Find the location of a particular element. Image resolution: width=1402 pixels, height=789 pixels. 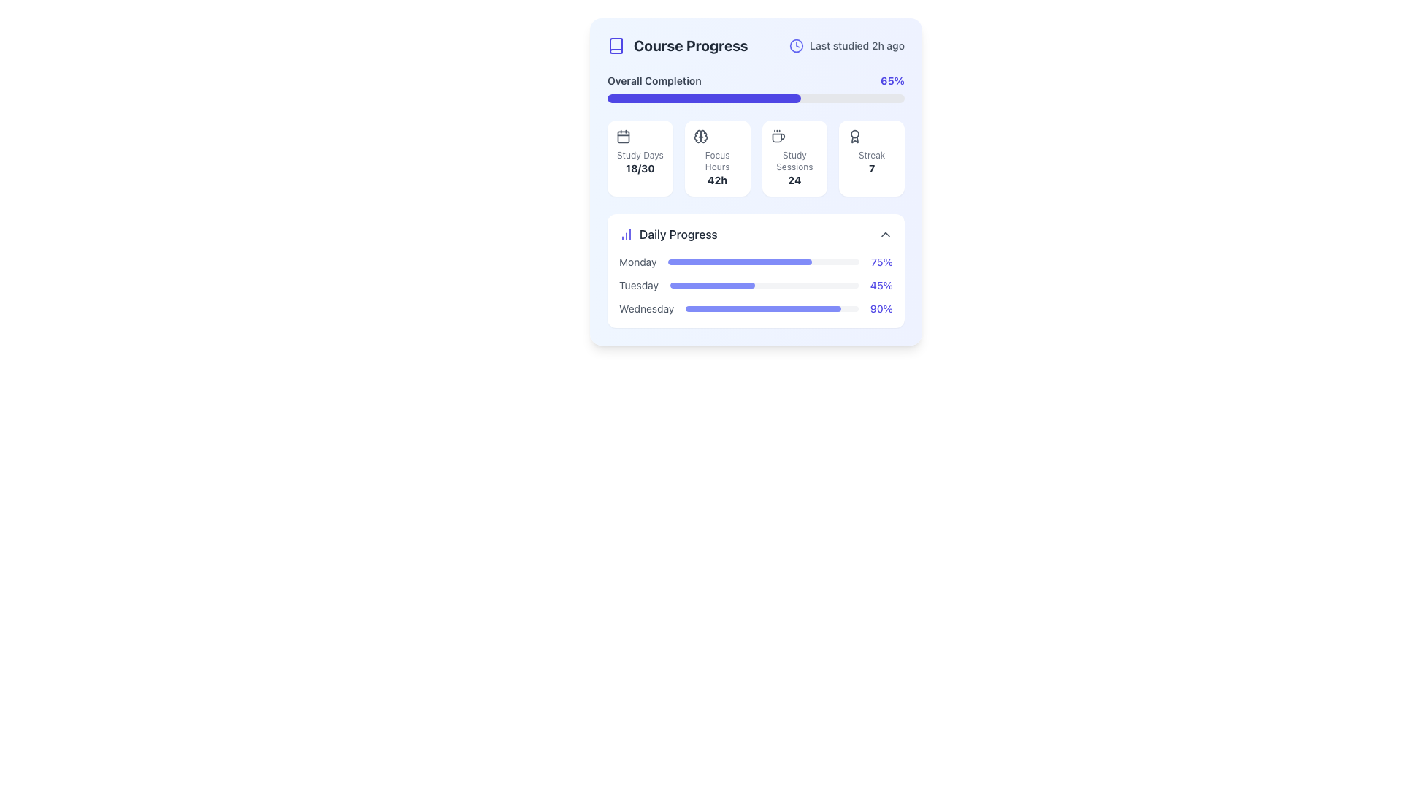

the heading with an icon that indicates the 'Course Progress' section is located at coordinates (676, 45).